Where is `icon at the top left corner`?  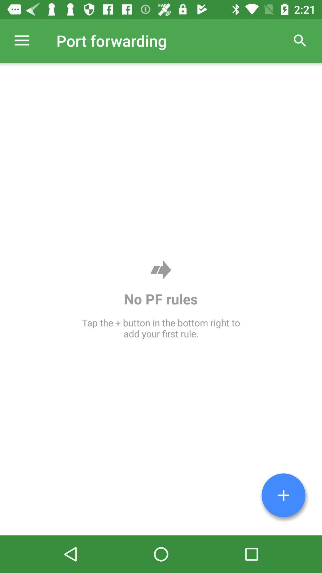
icon at the top left corner is located at coordinates (21, 40).